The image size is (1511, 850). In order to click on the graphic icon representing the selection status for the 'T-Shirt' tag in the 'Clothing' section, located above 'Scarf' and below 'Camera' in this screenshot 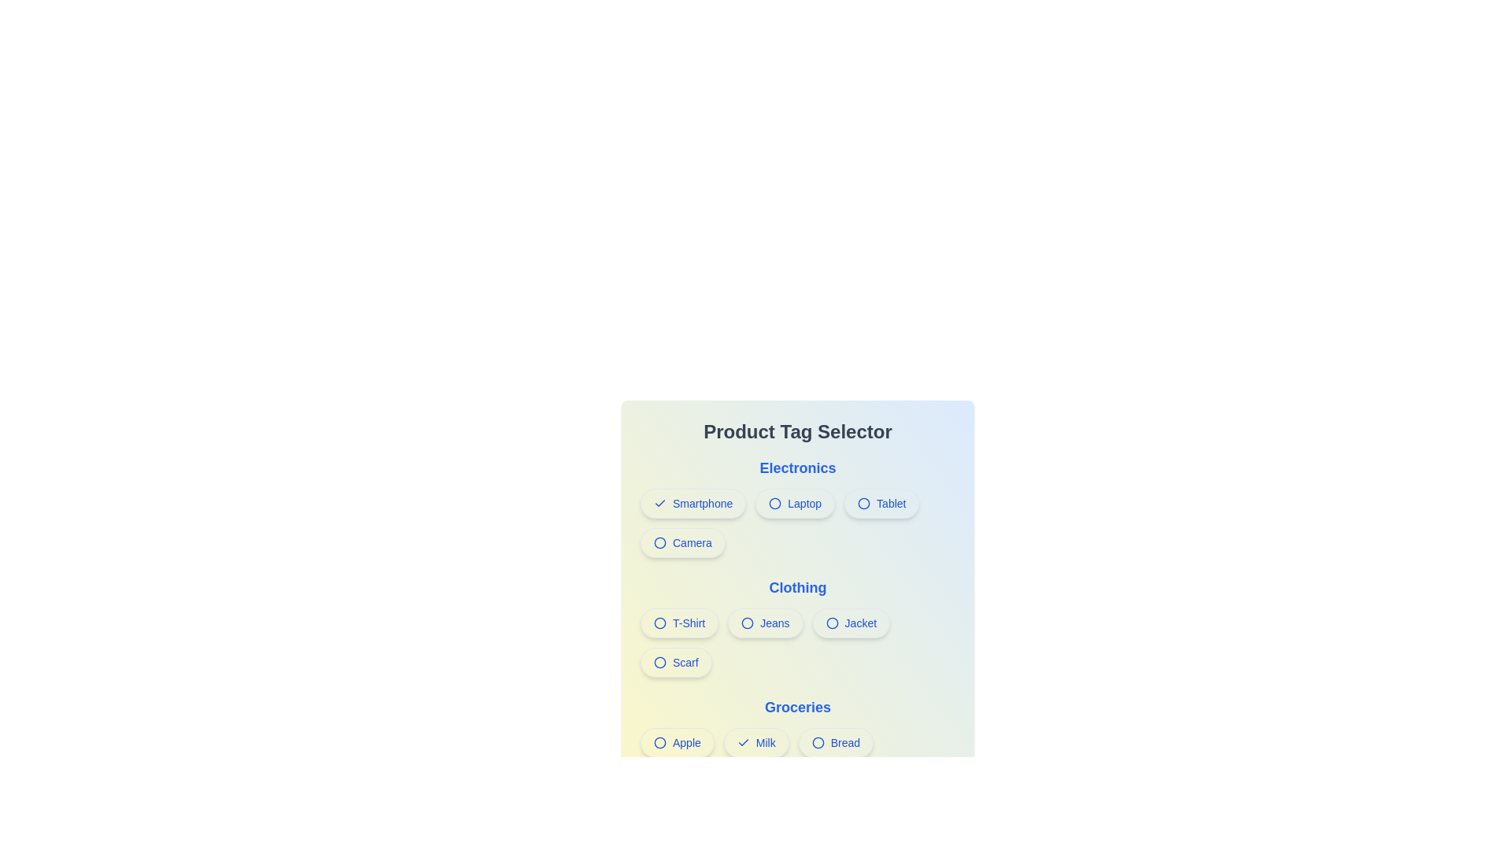, I will do `click(660, 622)`.